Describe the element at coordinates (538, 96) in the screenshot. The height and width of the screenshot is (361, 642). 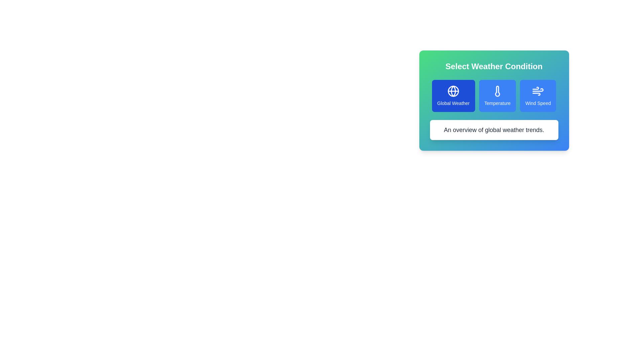
I see `the button corresponding to Wind Speed to select the desired weather condition` at that location.